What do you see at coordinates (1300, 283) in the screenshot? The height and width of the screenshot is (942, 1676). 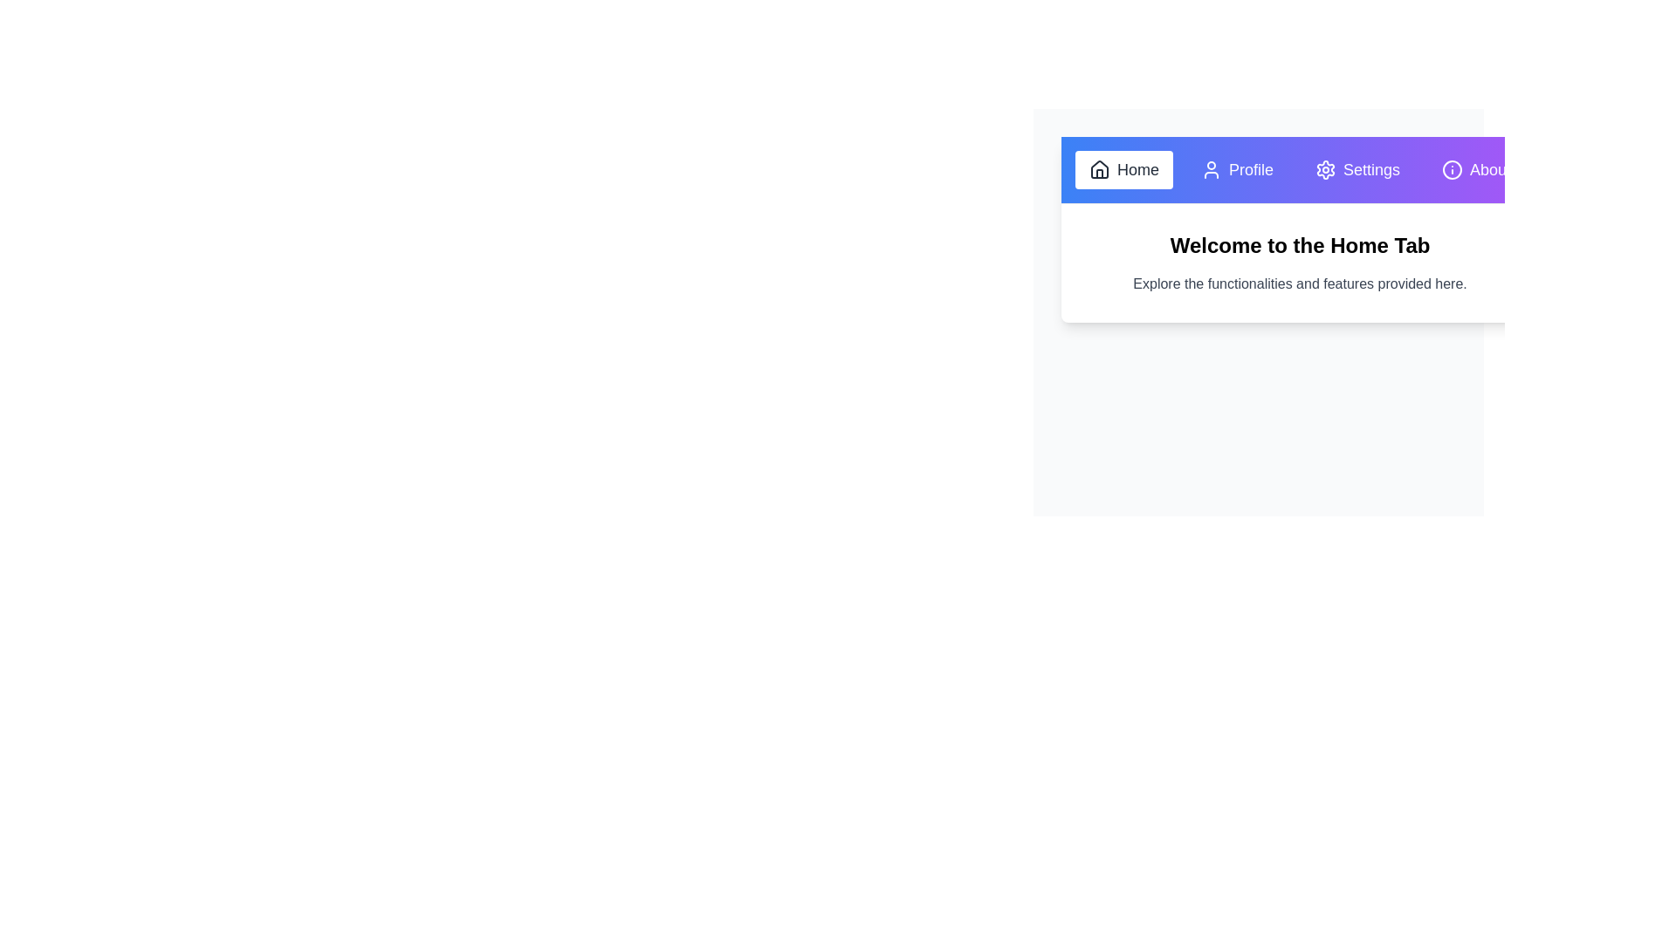 I see `text content of the label displaying 'Explore the functionalities and features provided here.' which is located directly below the heading 'Welcome to the Home Tab'` at bounding box center [1300, 283].